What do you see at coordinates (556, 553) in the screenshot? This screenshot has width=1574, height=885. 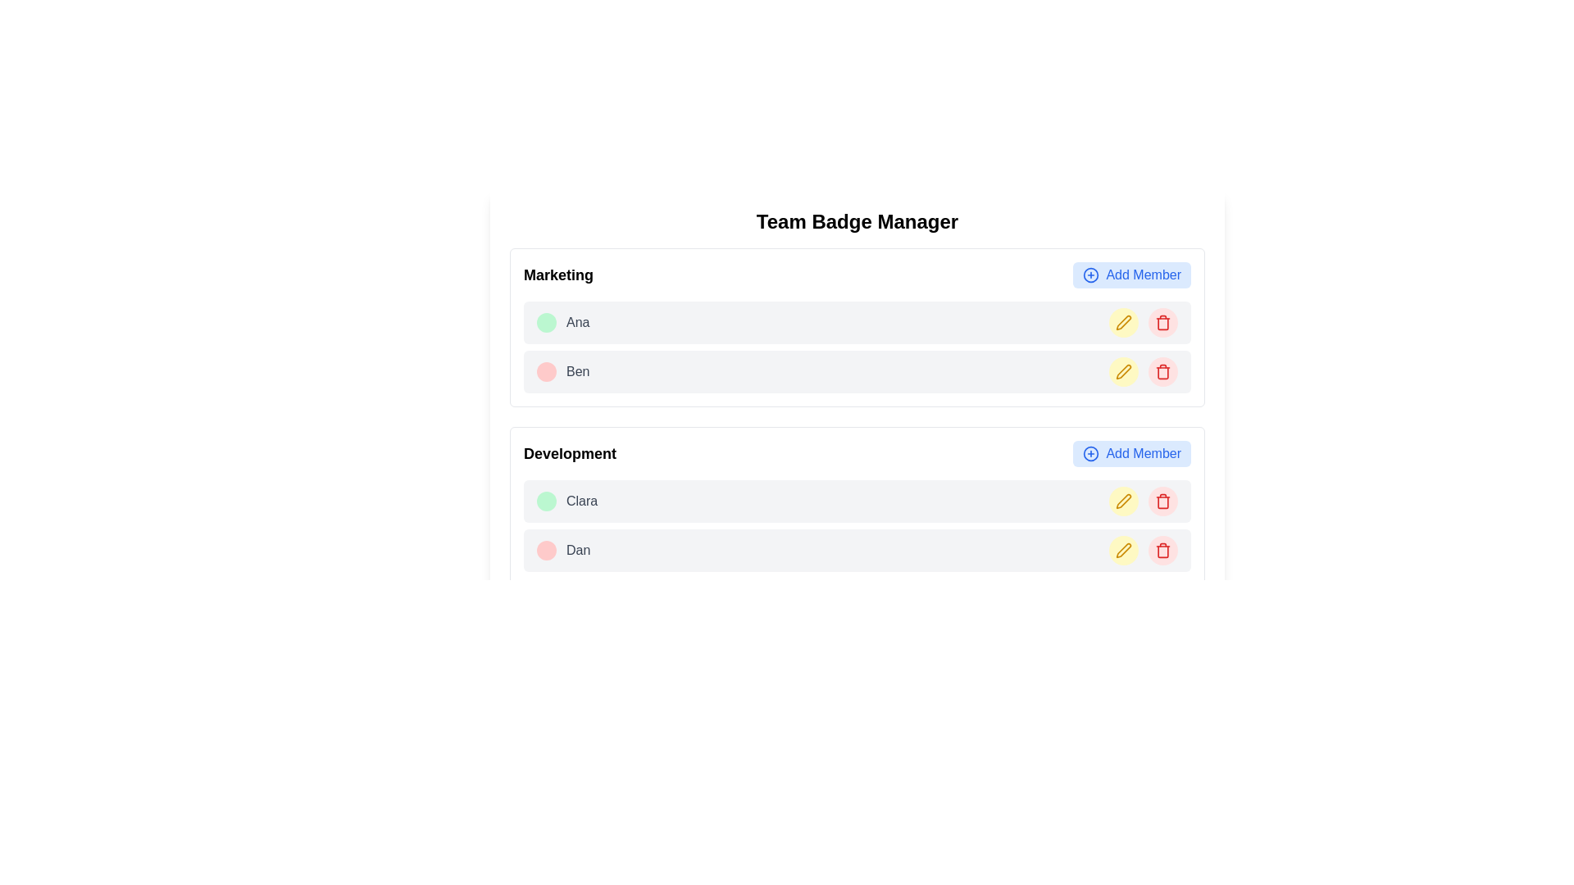 I see `the circular red badge located in the 'Development' section, to the left of the entry labeled 'Dan'` at bounding box center [556, 553].